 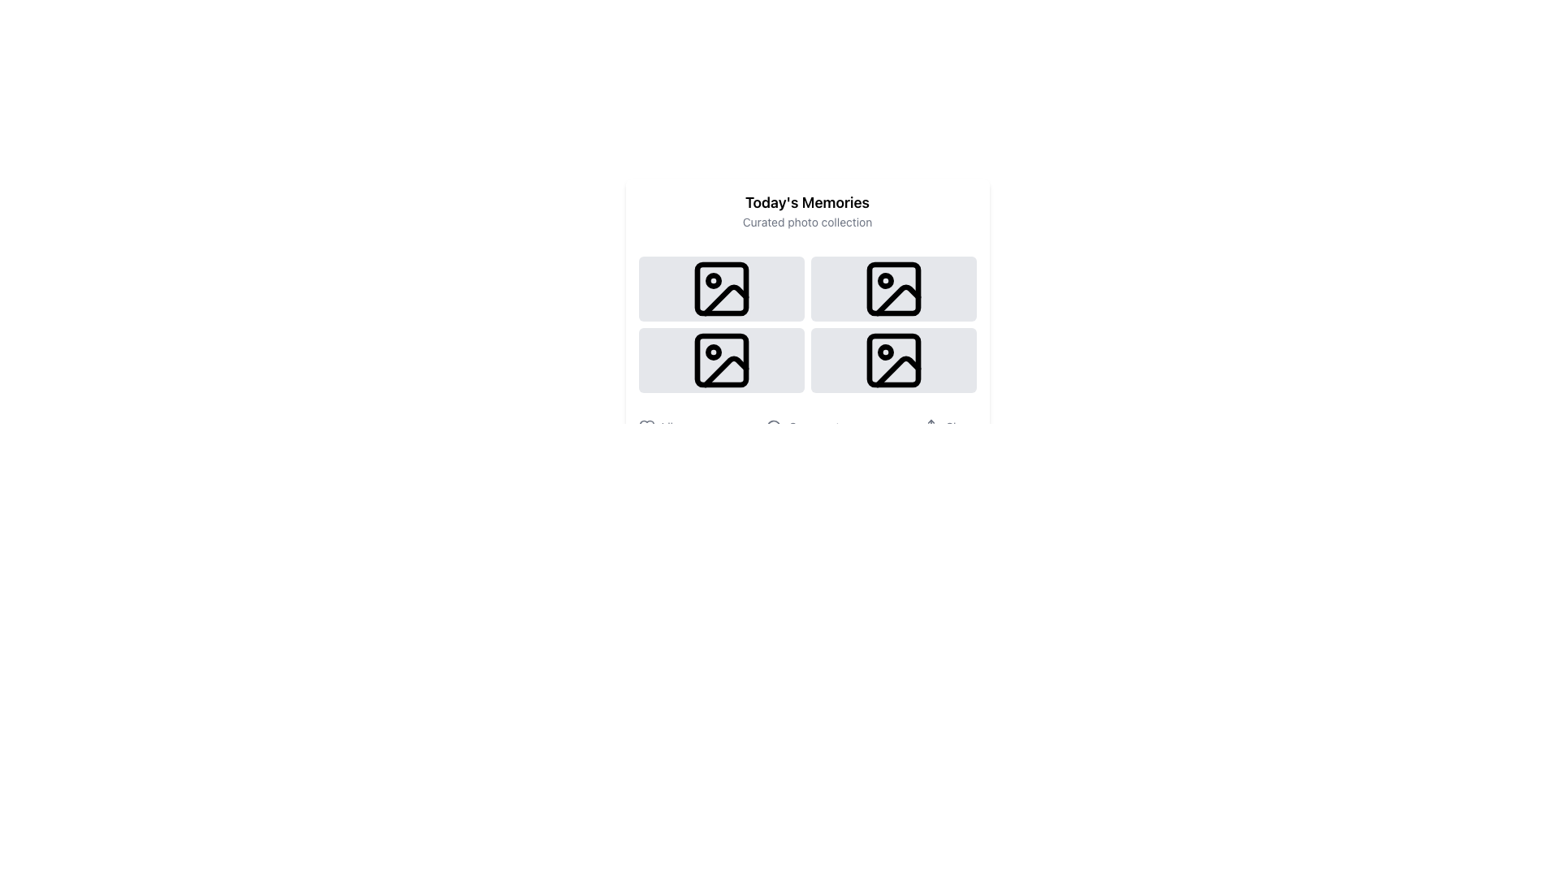 What do you see at coordinates (773, 426) in the screenshot?
I see `the circular chat bubble icon located to the left of the 'Comment' text to initiate its functionality` at bounding box center [773, 426].